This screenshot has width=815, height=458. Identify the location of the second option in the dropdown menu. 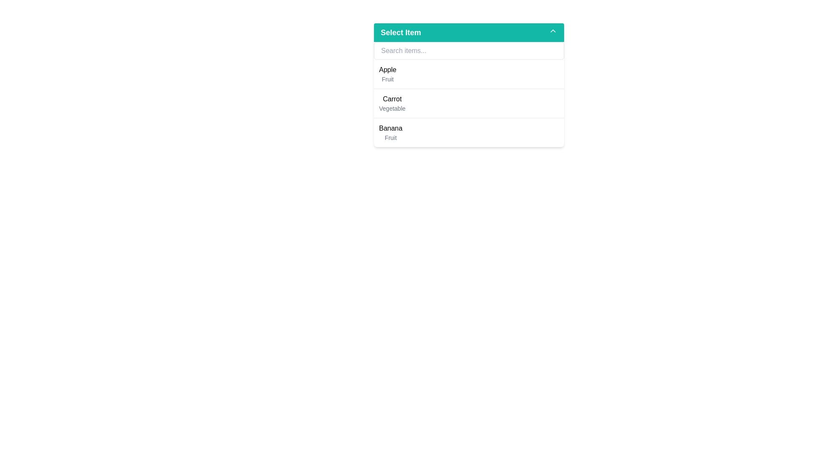
(468, 85).